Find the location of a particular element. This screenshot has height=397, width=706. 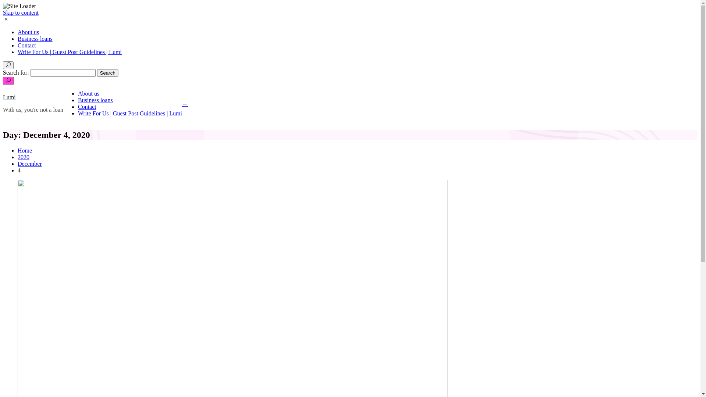

'Lumi' is located at coordinates (9, 97).